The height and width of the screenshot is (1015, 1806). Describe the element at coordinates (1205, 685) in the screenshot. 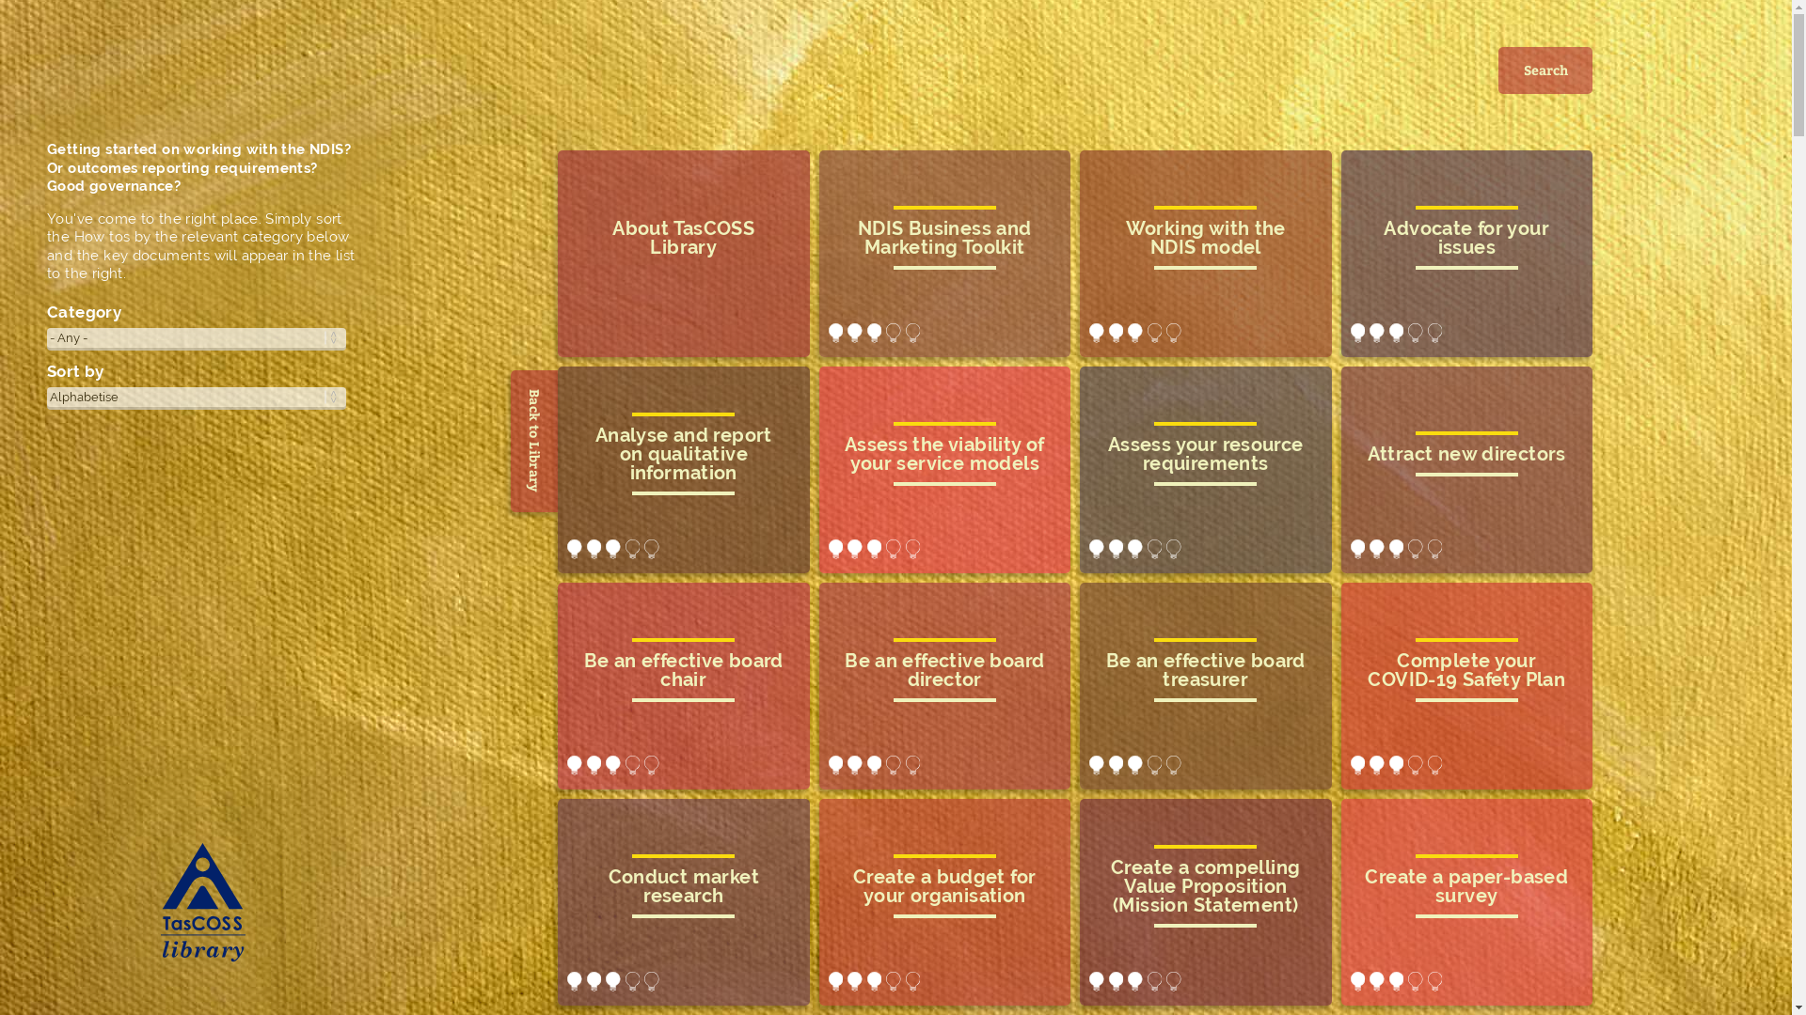

I see `'be an effective board treasurer'` at that location.